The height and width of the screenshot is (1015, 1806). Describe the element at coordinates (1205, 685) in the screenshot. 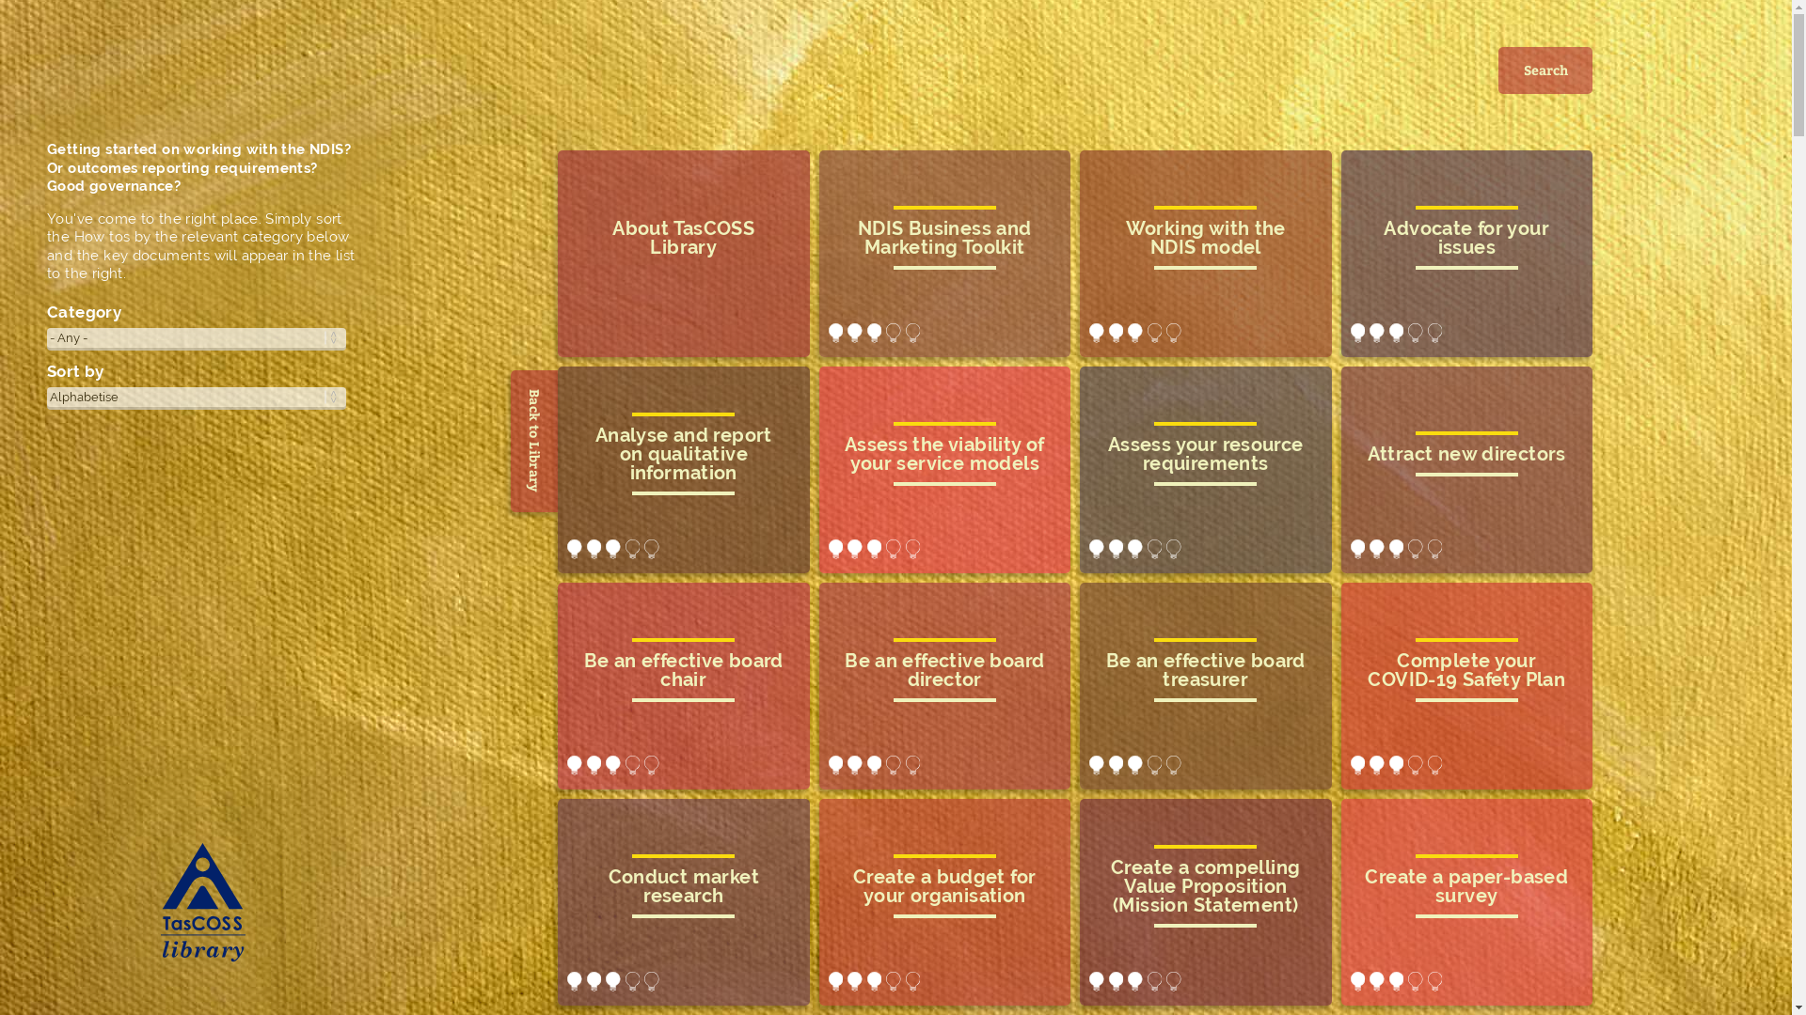

I see `'be an effective board treasurer'` at that location.